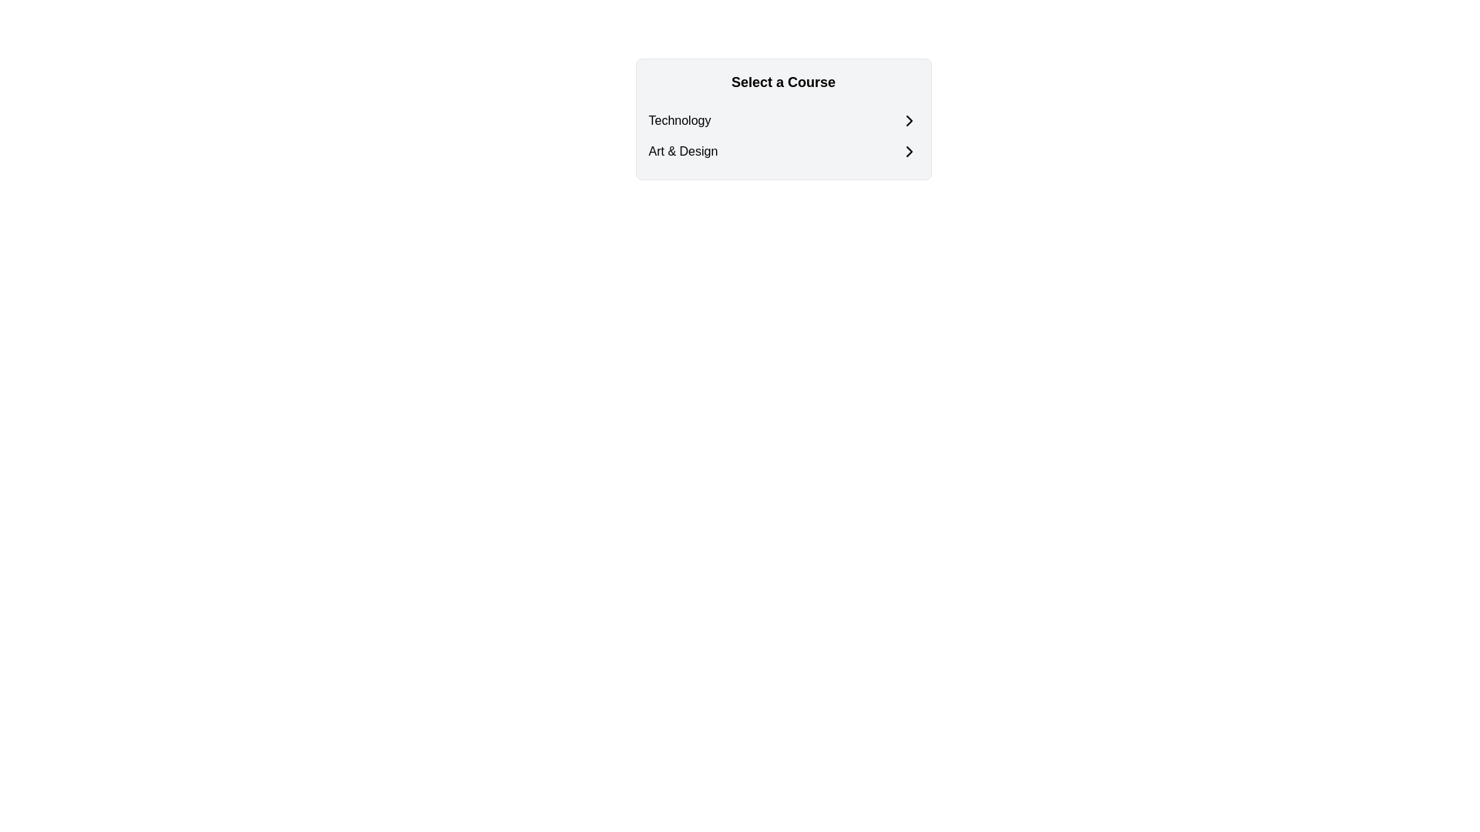 The image size is (1480, 832). I want to click on the rightward-pointing chevron icon located at the far-right end of the 'Art & Design' button, so click(909, 151).